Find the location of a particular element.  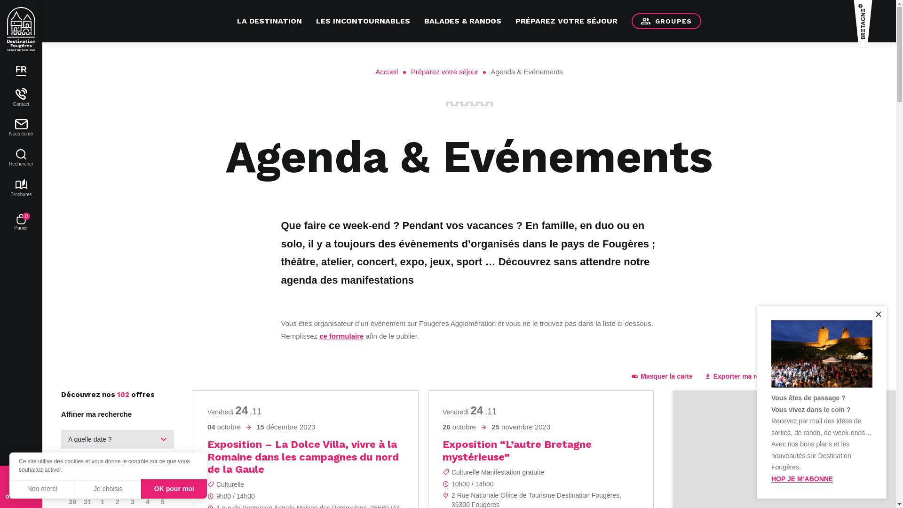

'OK pour moi' is located at coordinates (174, 488).